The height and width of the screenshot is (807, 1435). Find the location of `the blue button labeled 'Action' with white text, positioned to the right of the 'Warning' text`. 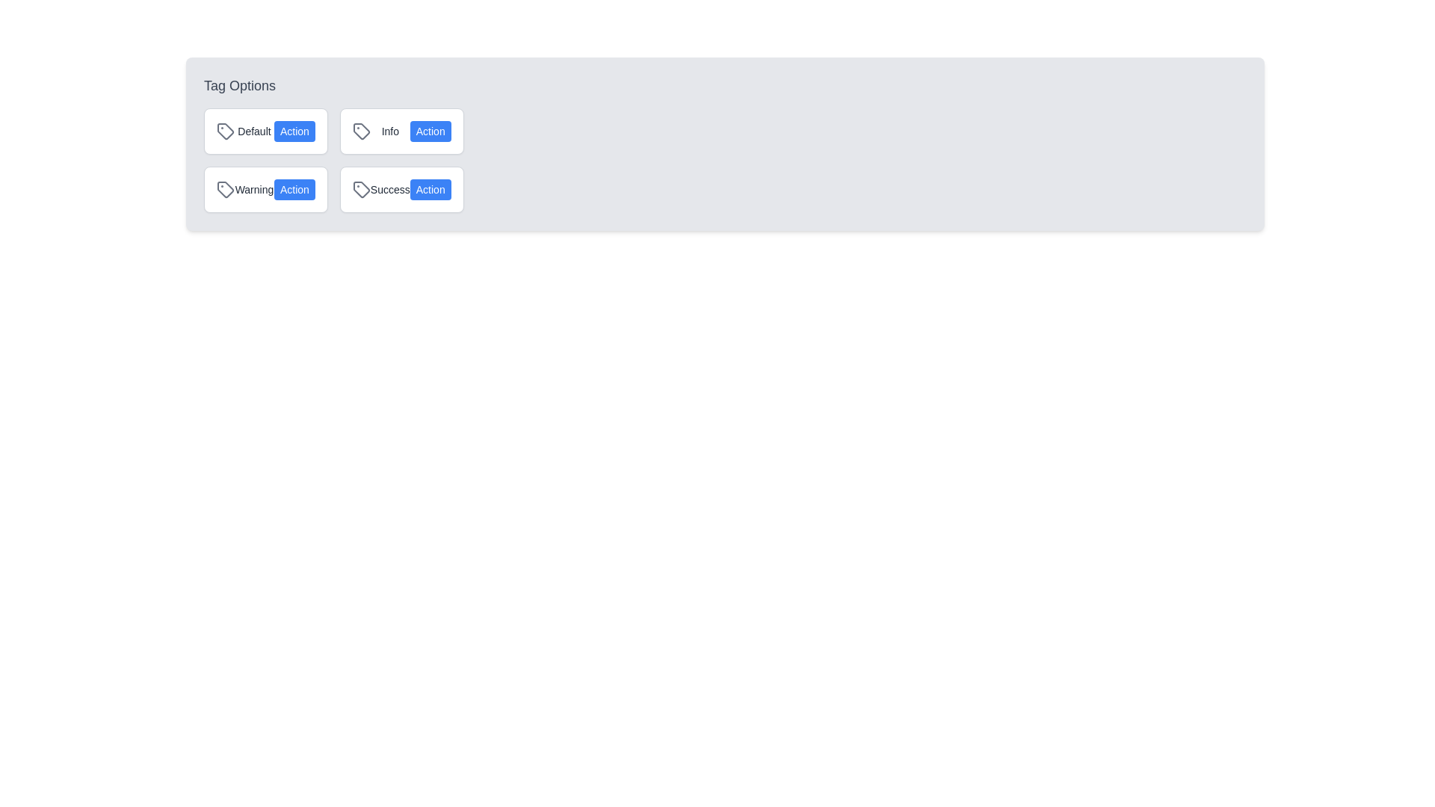

the blue button labeled 'Action' with white text, positioned to the right of the 'Warning' text is located at coordinates (294, 189).